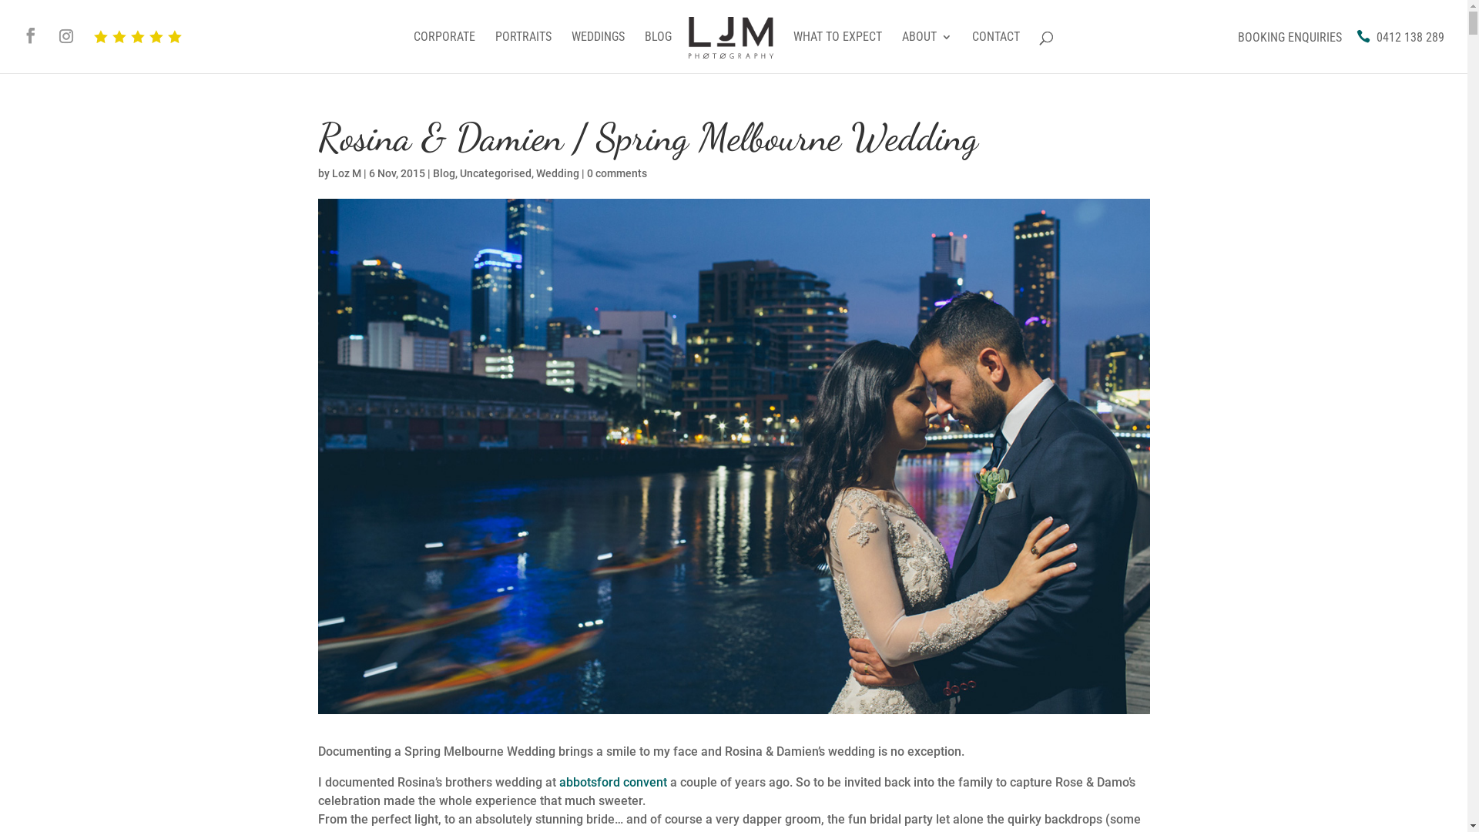 The width and height of the screenshot is (1479, 832). I want to click on 'PORTRAITS', so click(523, 52).